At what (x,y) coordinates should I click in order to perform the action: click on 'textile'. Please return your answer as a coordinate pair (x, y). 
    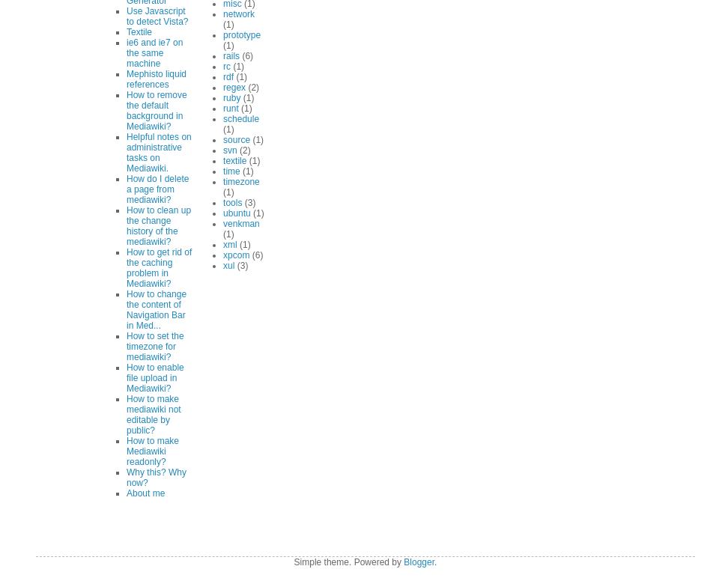
    Looking at the image, I should click on (222, 160).